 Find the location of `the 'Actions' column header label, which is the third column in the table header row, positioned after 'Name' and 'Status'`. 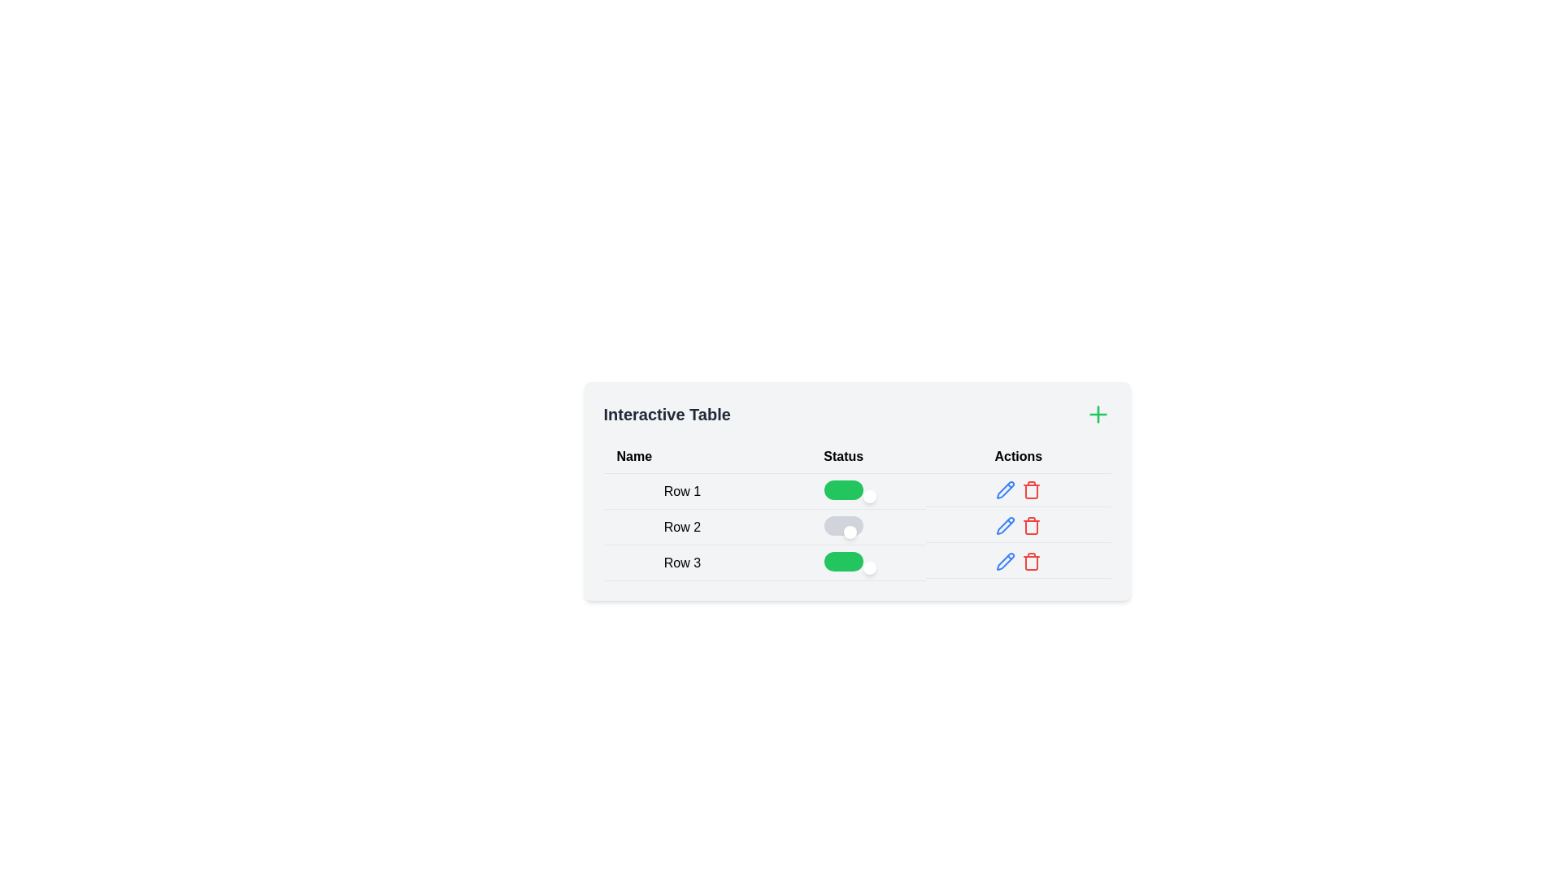

the 'Actions' column header label, which is the third column in the table header row, positioned after 'Name' and 'Status' is located at coordinates (1017, 457).